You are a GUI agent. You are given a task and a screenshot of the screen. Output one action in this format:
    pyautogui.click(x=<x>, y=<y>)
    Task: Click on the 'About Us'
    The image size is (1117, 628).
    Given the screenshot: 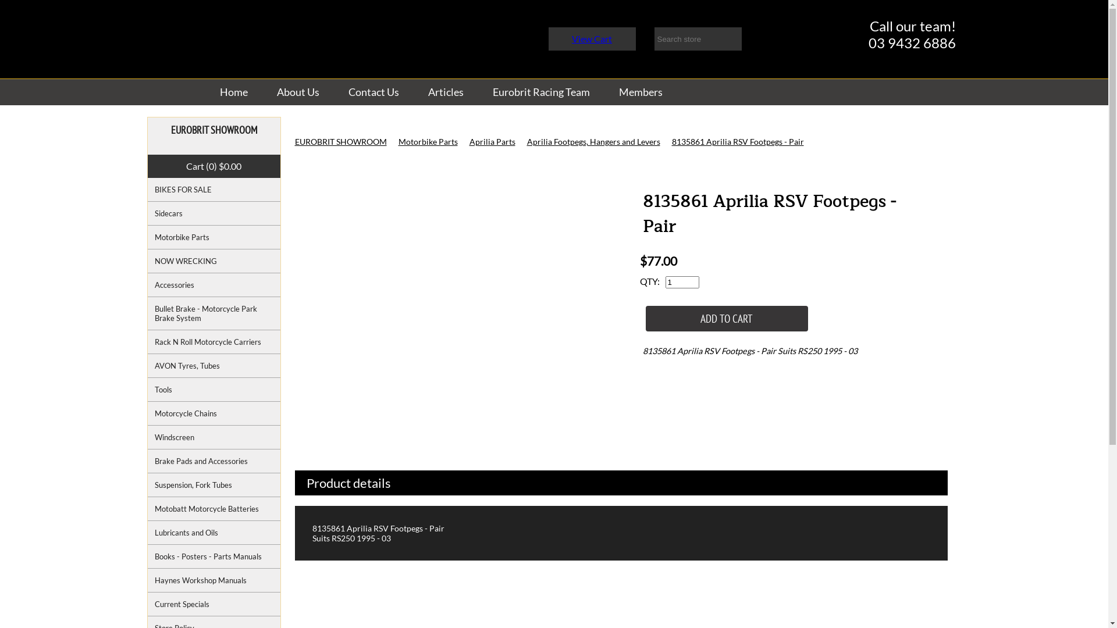 What is the action you would take?
    pyautogui.click(x=297, y=91)
    